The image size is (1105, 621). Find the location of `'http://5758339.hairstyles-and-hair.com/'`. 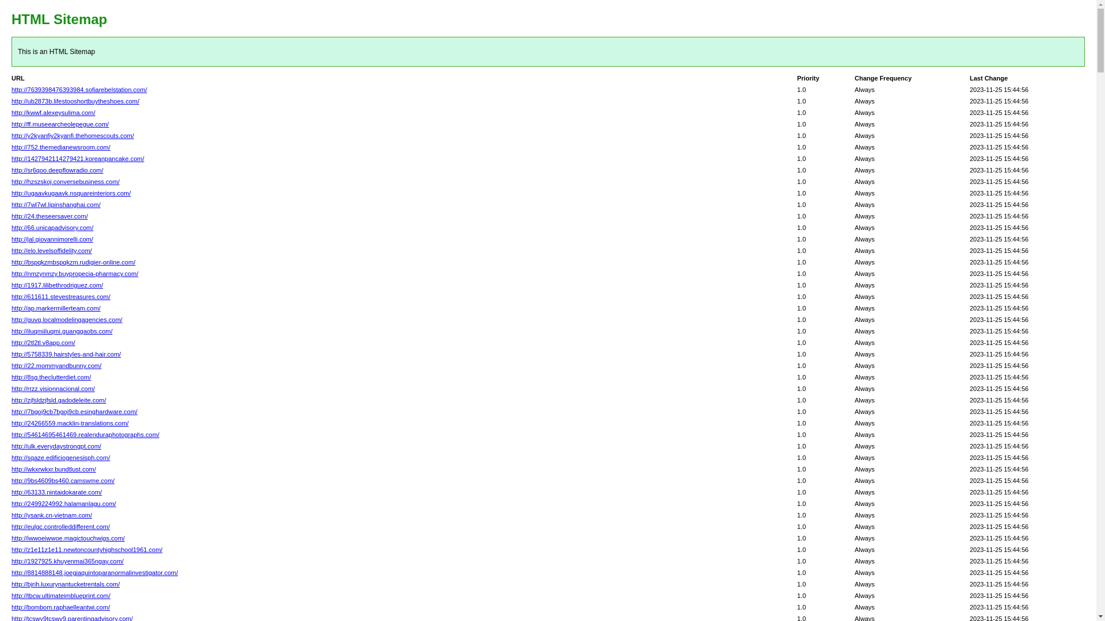

'http://5758339.hairstyles-and-hair.com/' is located at coordinates (66, 354).